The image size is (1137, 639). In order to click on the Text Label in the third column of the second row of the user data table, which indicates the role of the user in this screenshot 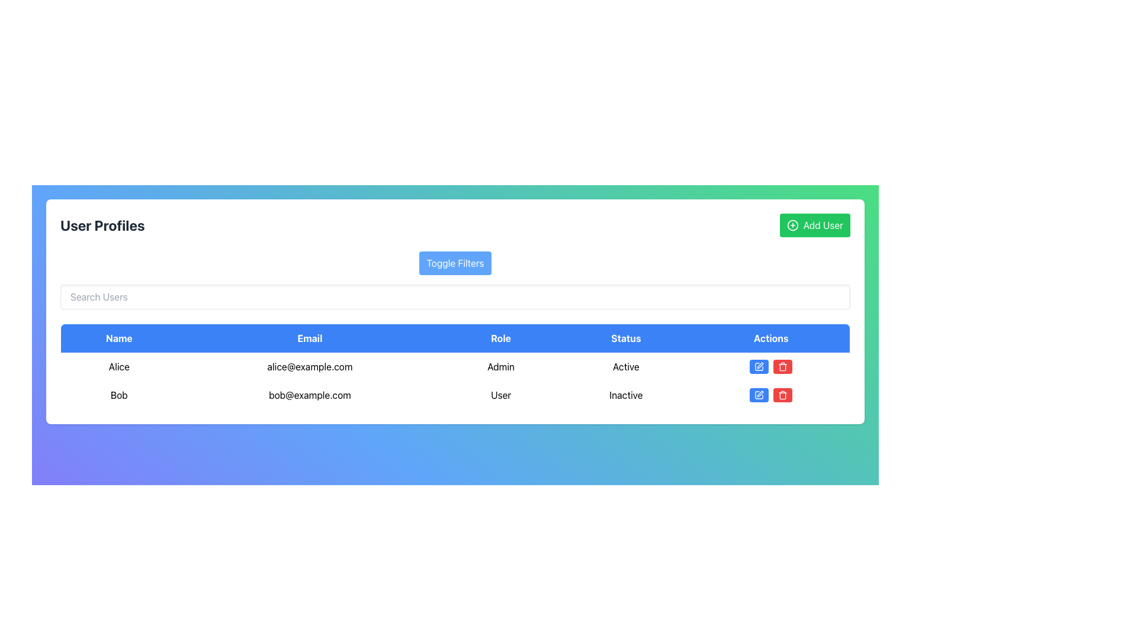, I will do `click(501, 395)`.